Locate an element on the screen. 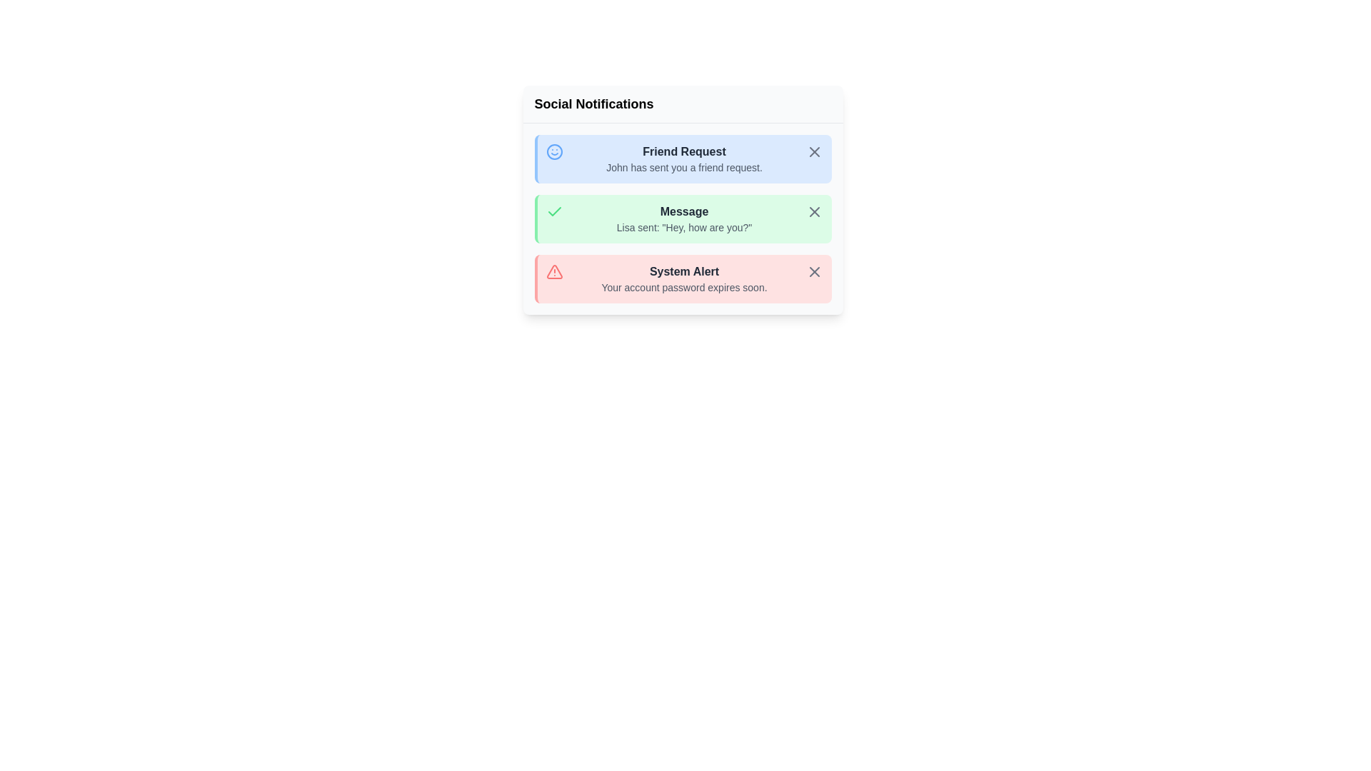  the close button in the top-right corner of the 'Message' notification box to change its color is located at coordinates (814, 212).